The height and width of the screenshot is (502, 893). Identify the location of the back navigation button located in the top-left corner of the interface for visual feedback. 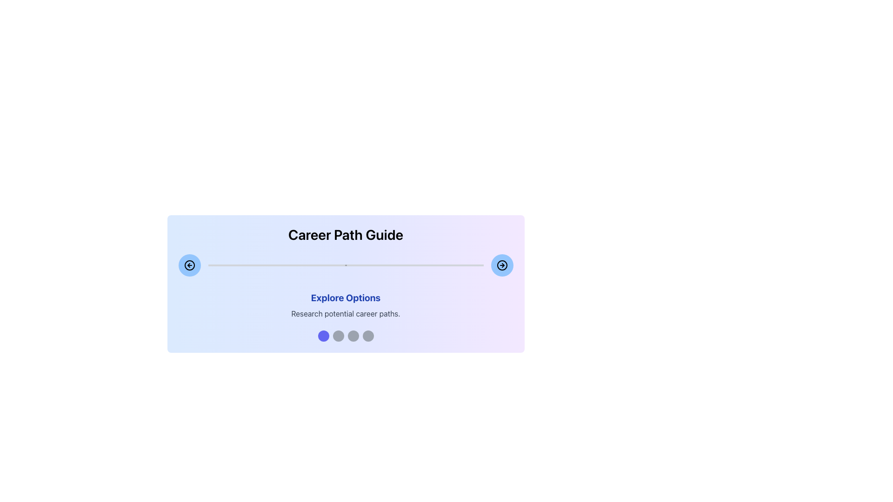
(189, 265).